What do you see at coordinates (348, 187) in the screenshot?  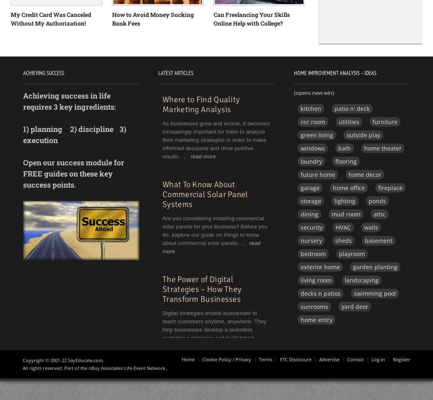 I see `'home office'` at bounding box center [348, 187].